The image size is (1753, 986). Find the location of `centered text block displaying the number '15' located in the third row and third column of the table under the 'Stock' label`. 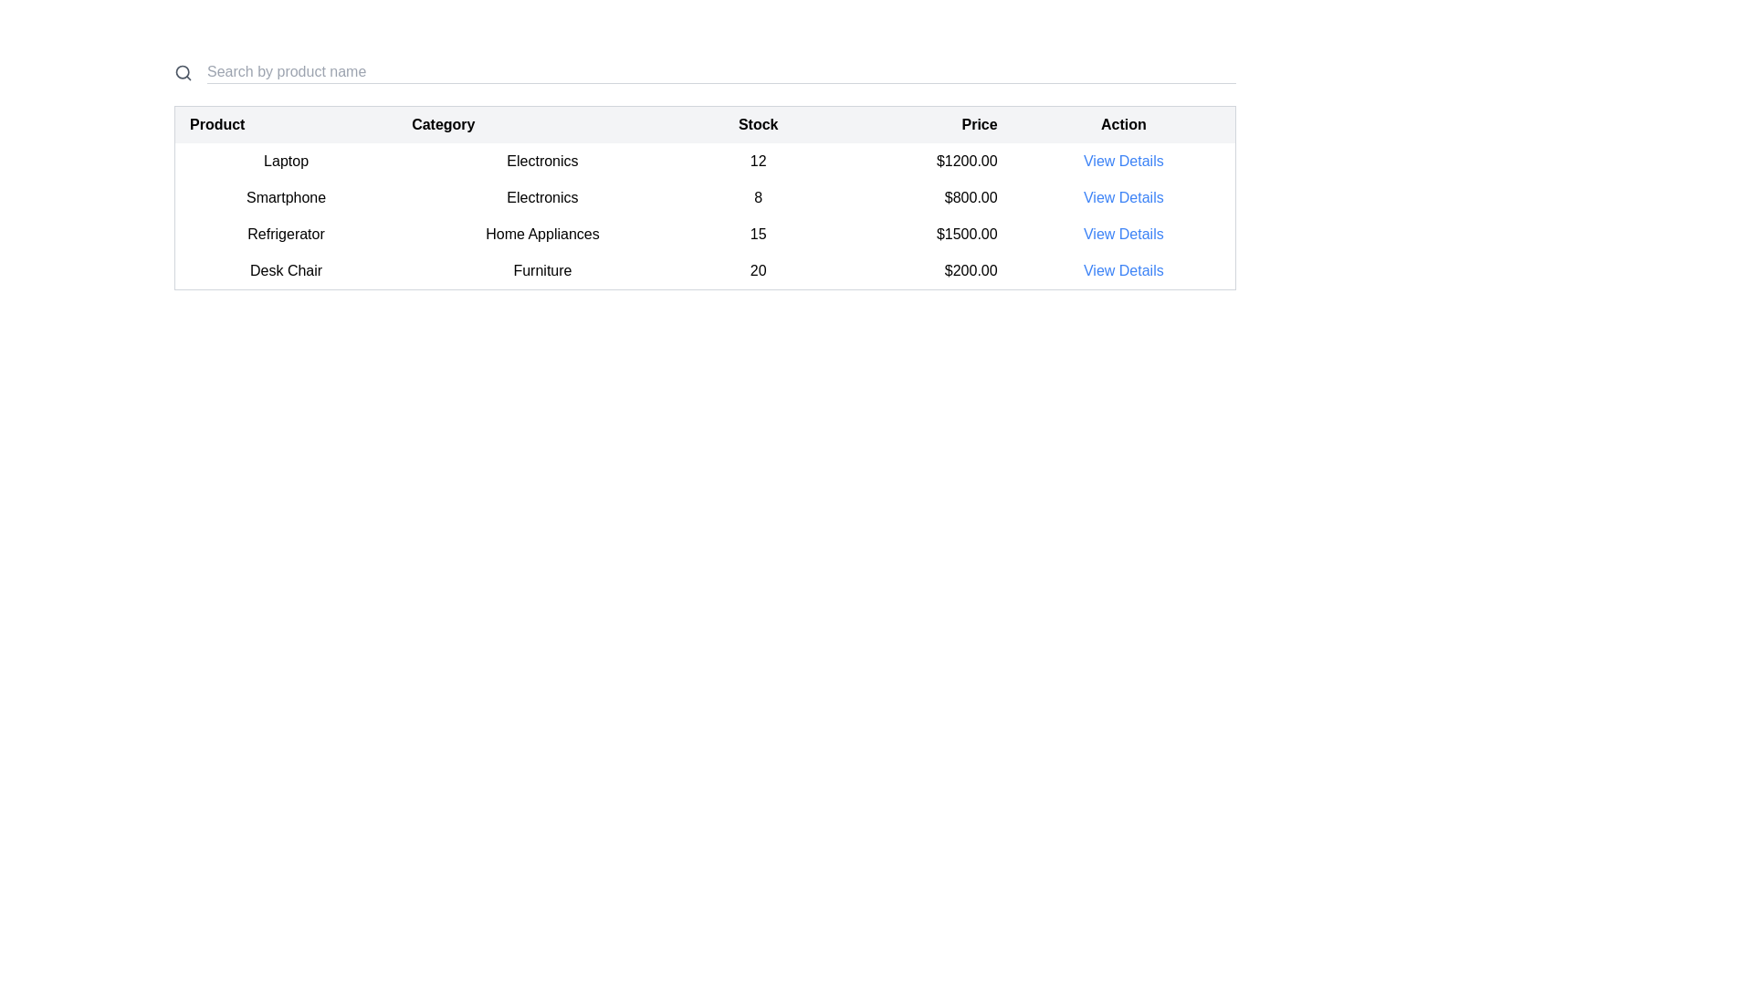

centered text block displaying the number '15' located in the third row and third column of the table under the 'Stock' label is located at coordinates (758, 234).